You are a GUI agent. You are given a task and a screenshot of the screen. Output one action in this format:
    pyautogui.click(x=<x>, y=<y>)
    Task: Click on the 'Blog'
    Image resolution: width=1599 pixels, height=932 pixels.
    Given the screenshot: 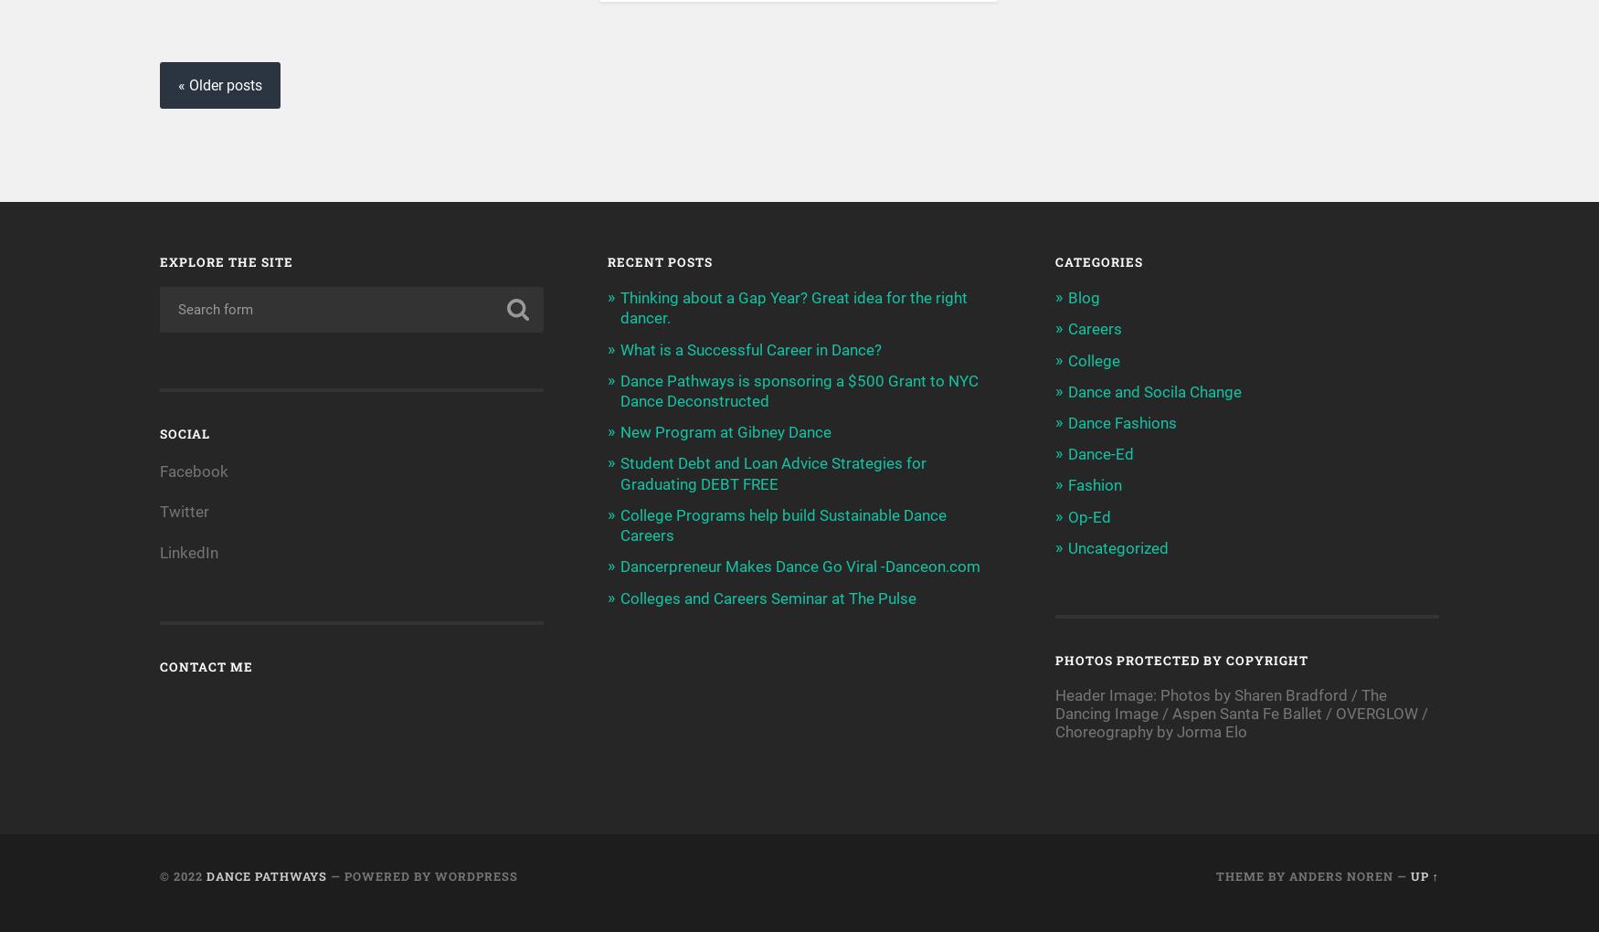 What is the action you would take?
    pyautogui.click(x=1083, y=297)
    